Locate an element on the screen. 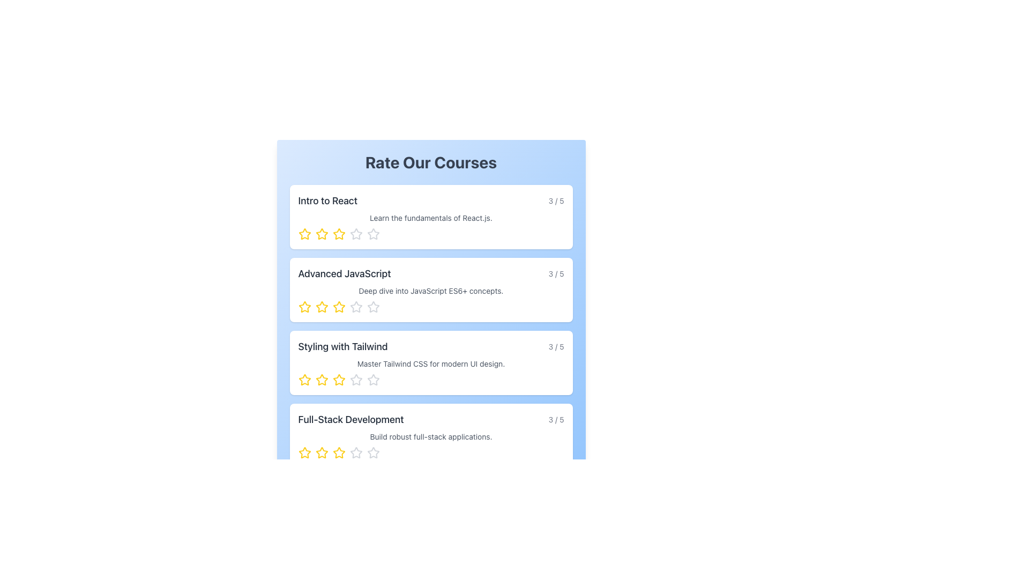  the text label that reads 'Full-Stack Development', which is styled with a medium font weight and dark gray color, located in the left portion of a horizontal row as the fourth item in a vertically stacked list of courses is located at coordinates (351, 419).